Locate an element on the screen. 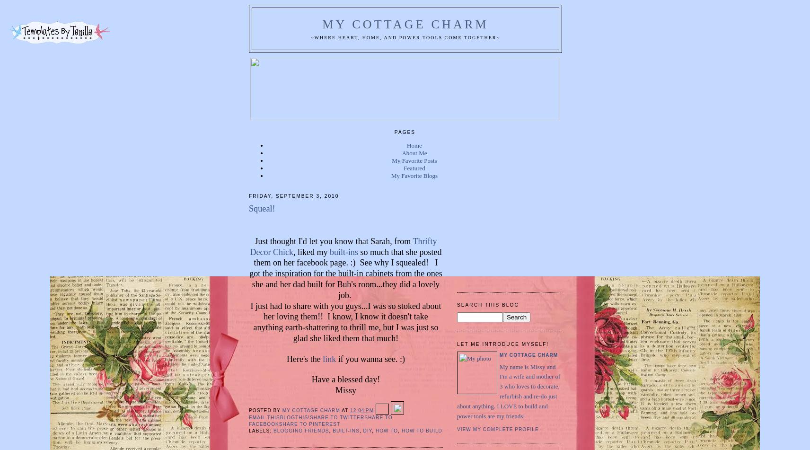 This screenshot has height=450, width=810. 'Have a blessed day!' is located at coordinates (345, 379).